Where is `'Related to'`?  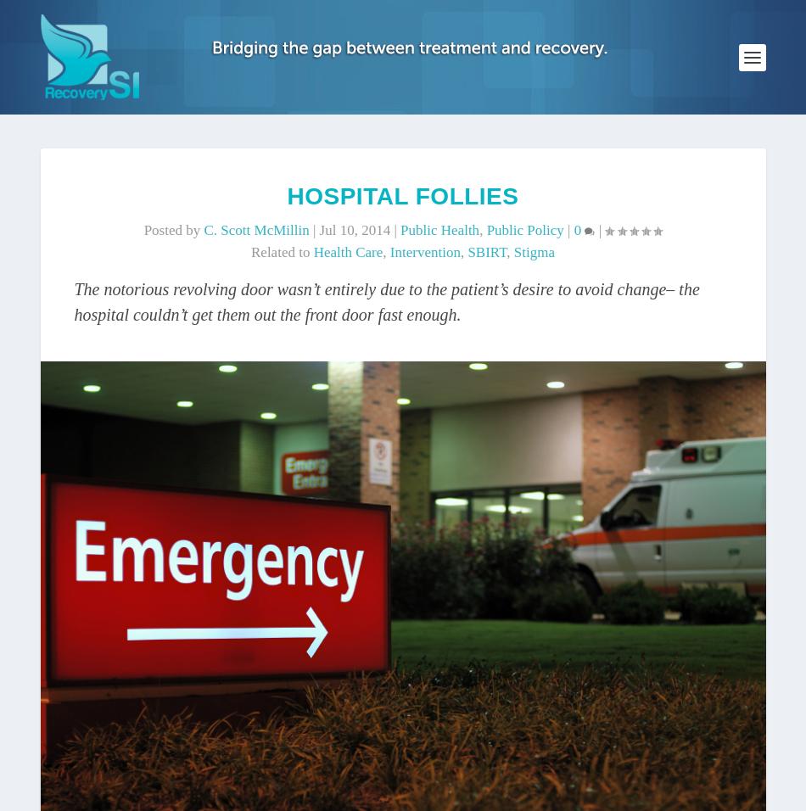
'Related to' is located at coordinates (281, 251).